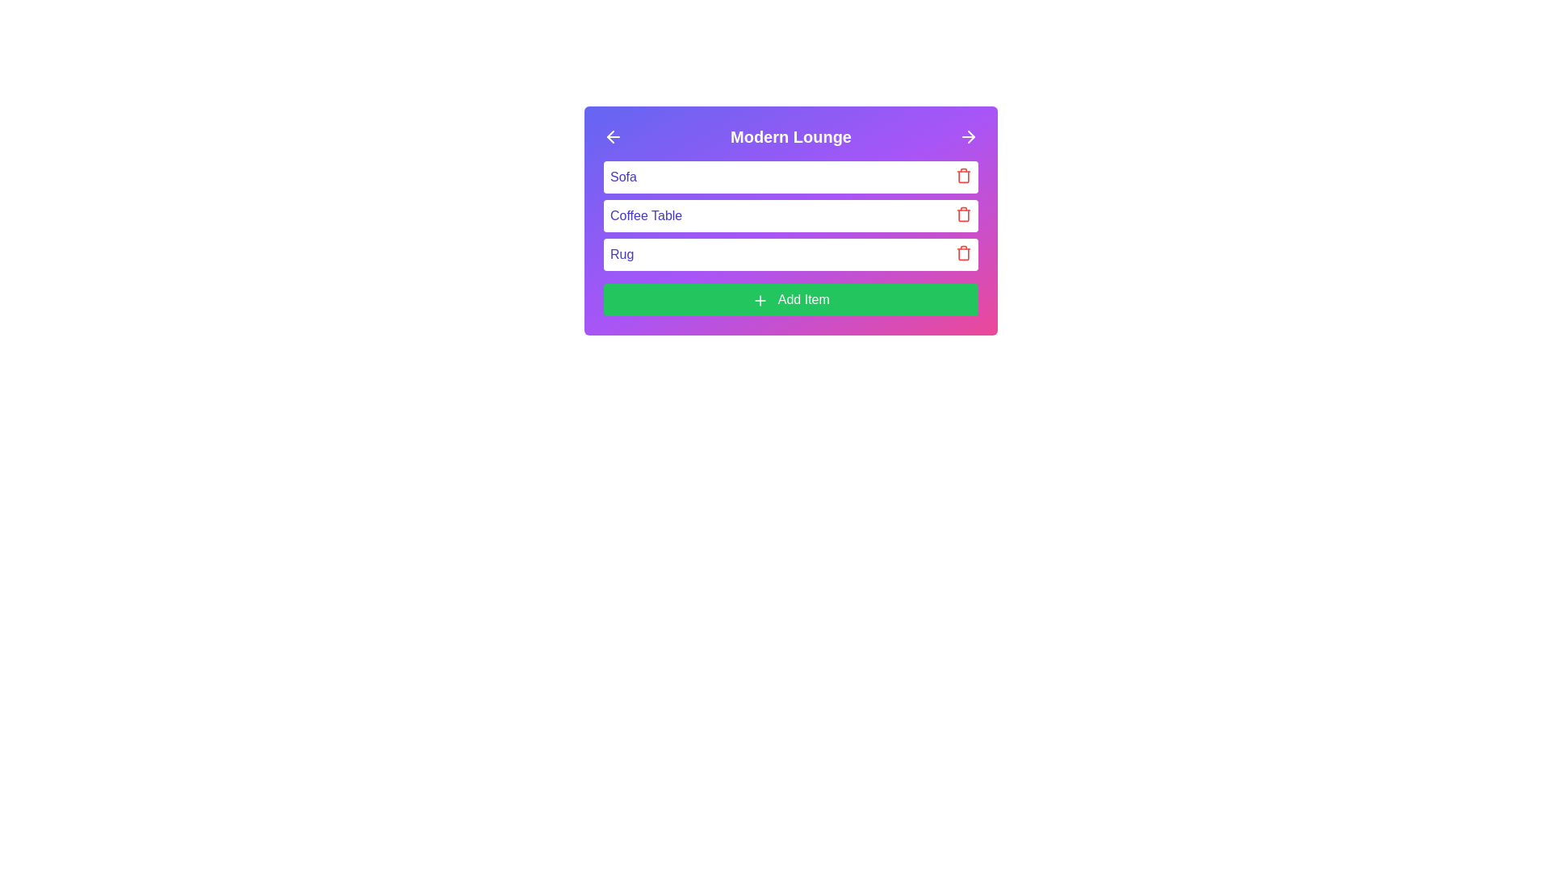 The height and width of the screenshot is (871, 1550). Describe the element at coordinates (969, 135) in the screenshot. I see `the right-pointing arrow icon button, which is located at the far-right side of the title row labeled 'Modern Lounge'` at that location.